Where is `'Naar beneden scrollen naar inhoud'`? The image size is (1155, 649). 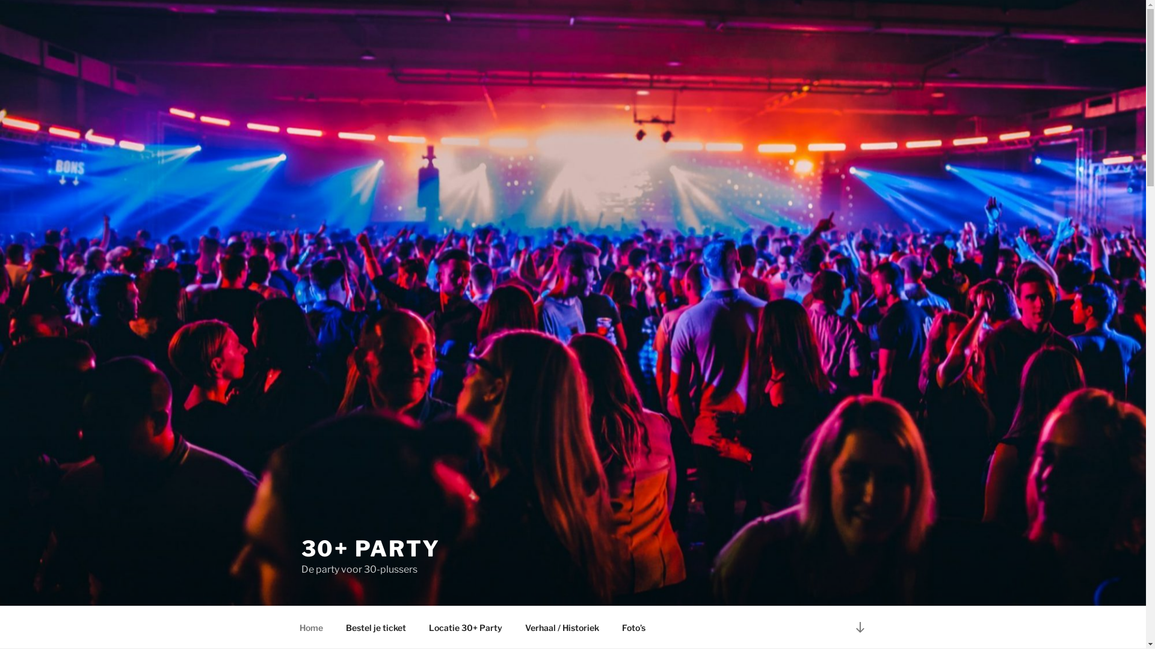 'Naar beneden scrollen naar inhoud' is located at coordinates (859, 626).